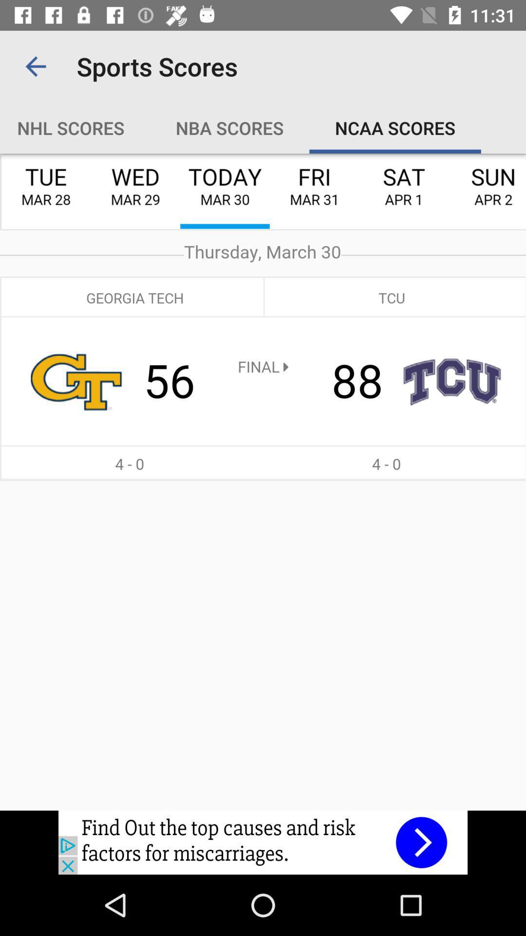 The image size is (526, 936). Describe the element at coordinates (263, 842) in the screenshot. I see `advertisement banner` at that location.